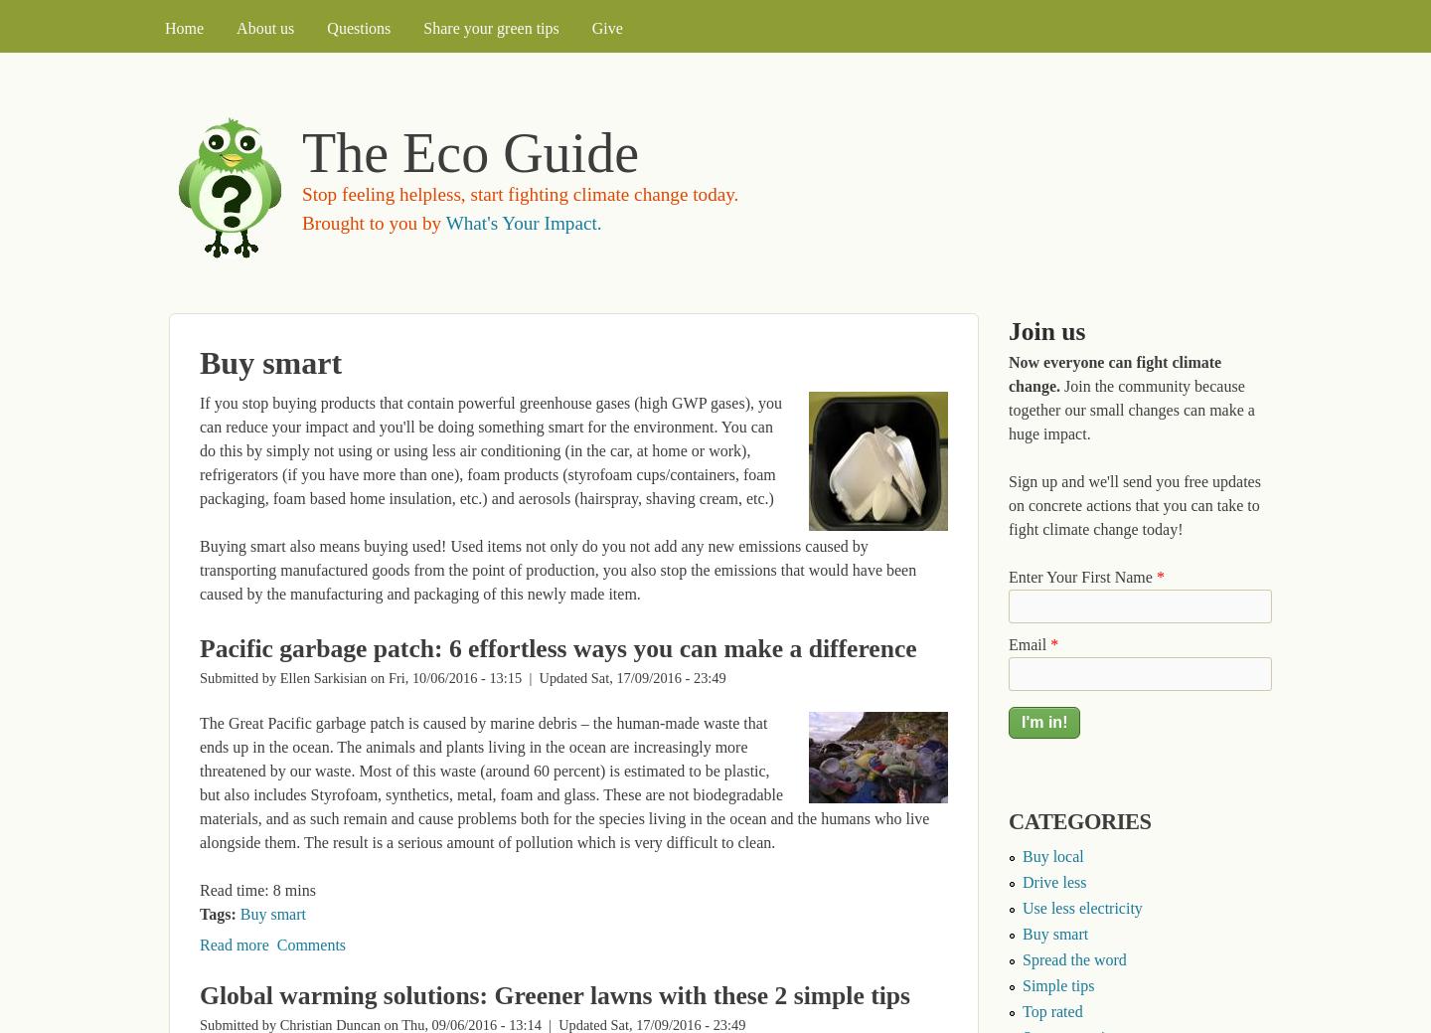 This screenshot has height=1033, width=1431. Describe the element at coordinates (519, 193) in the screenshot. I see `'Stop feeling helpless, start fighting climate change today.'` at that location.